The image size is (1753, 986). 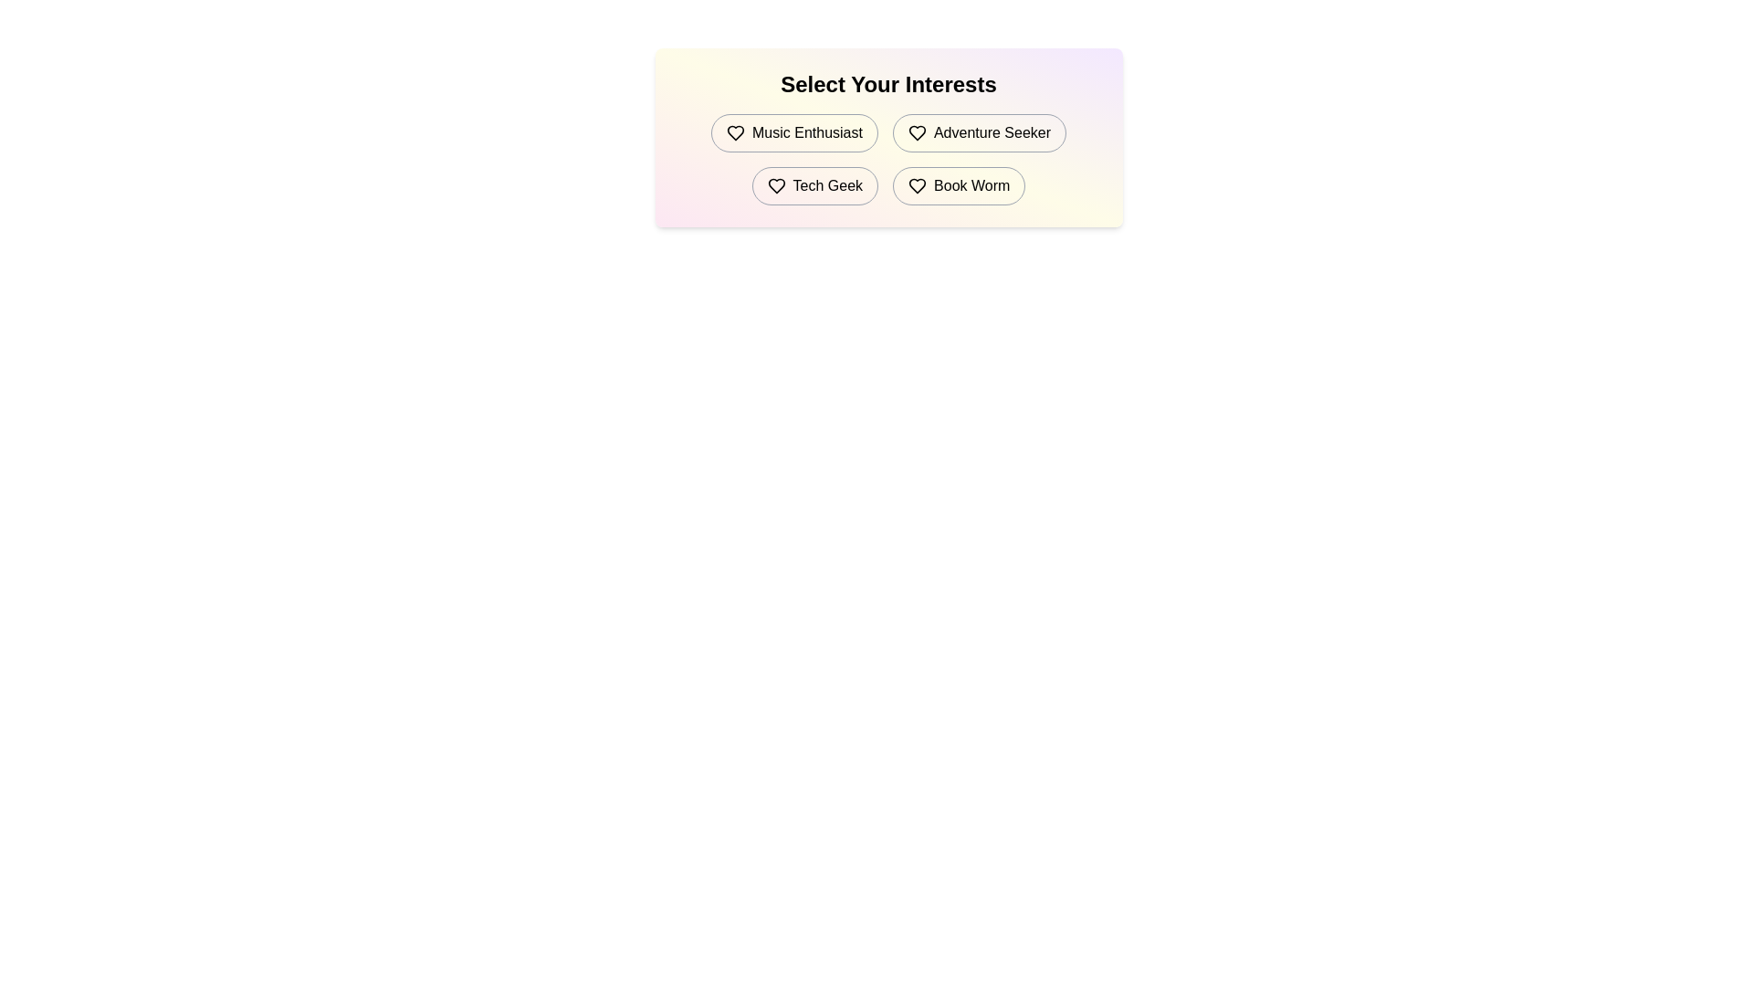 I want to click on the tag button labeled 'Book Worm' to observe its hover effect, so click(x=958, y=186).